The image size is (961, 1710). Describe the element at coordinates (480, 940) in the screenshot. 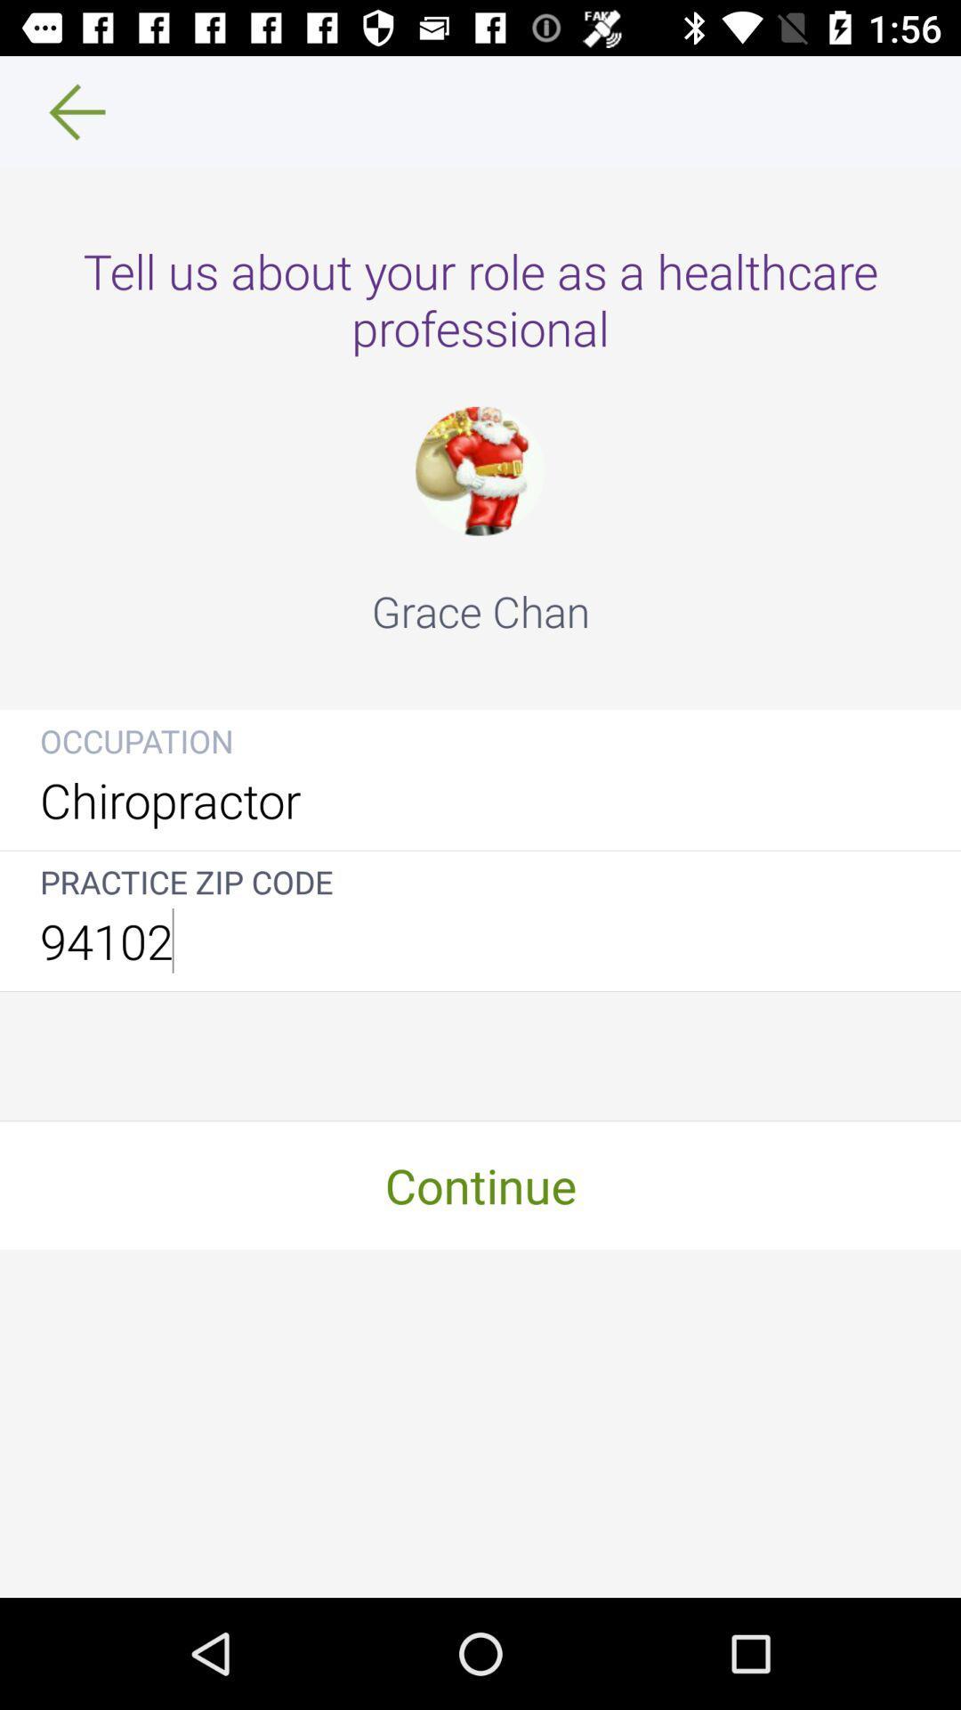

I see `the 94102 icon` at that location.